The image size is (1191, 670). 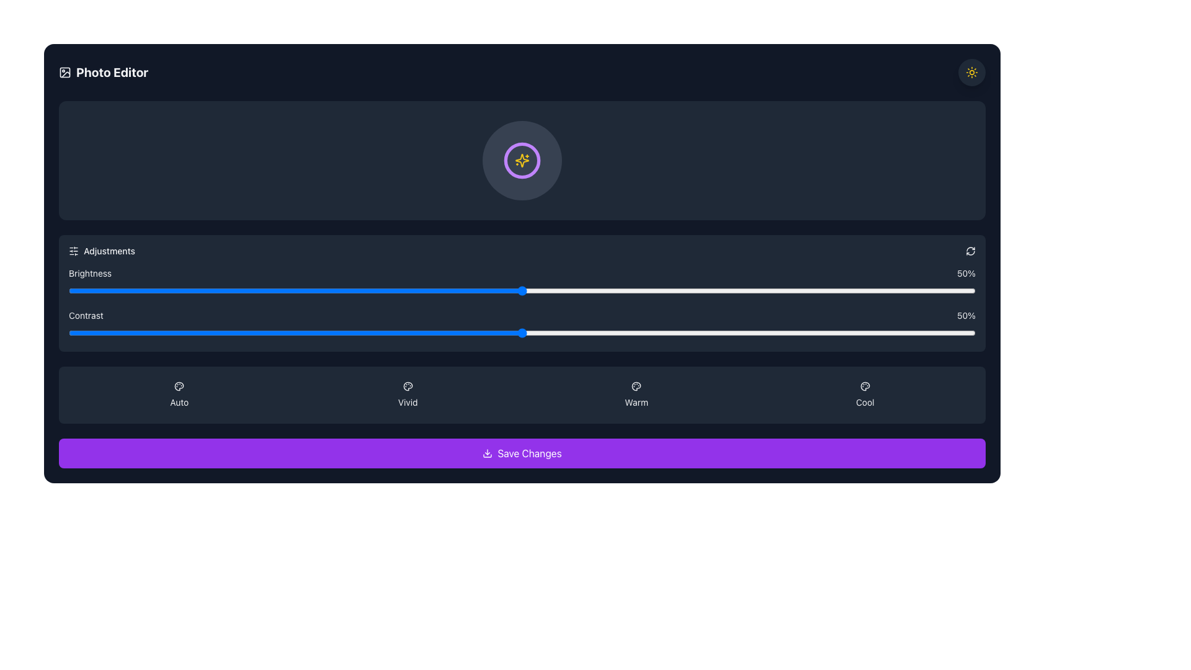 I want to click on contrast, so click(x=323, y=332).